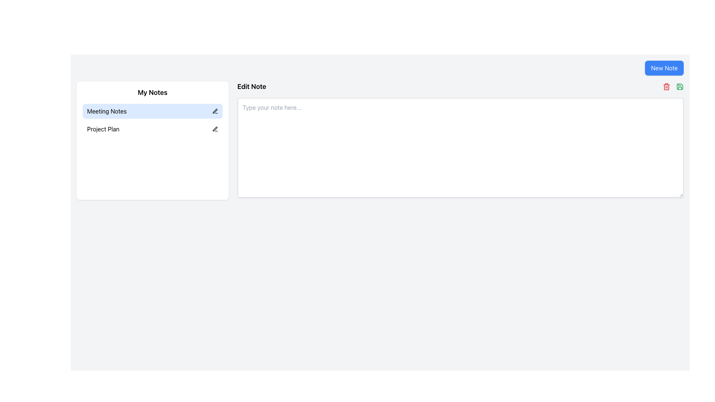 The height and width of the screenshot is (402, 715). Describe the element at coordinates (667, 86) in the screenshot. I see `the red trash can icon in the top-right section of the 'Edit Note' area` at that location.